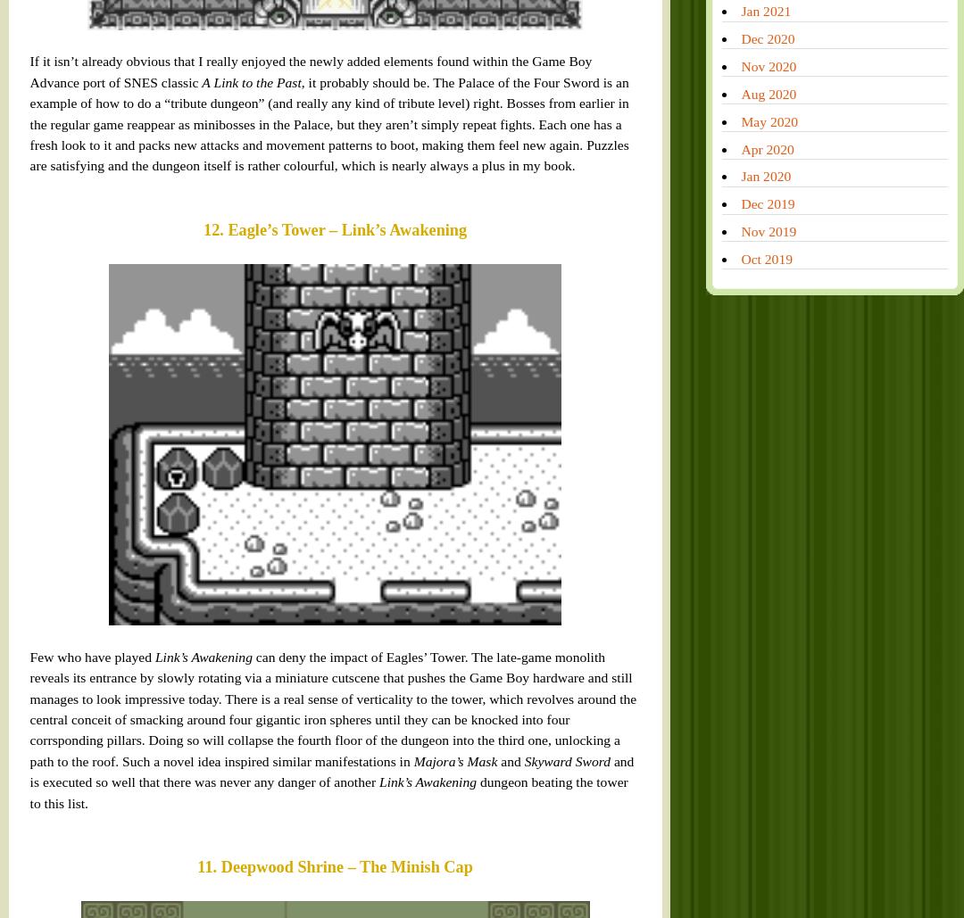 The width and height of the screenshot is (964, 918). Describe the element at coordinates (637, 627) in the screenshot. I see `'Jun 2015'` at that location.